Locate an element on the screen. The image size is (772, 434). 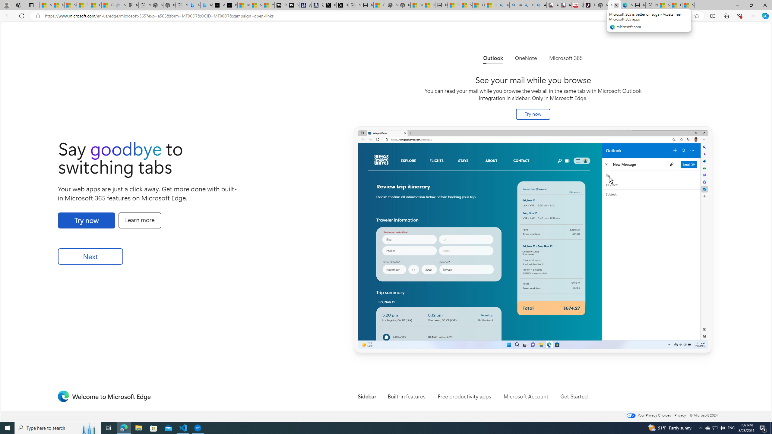
'Gilma and Hector both pose tropical trouble for Hawaii' is located at coordinates (107, 5).